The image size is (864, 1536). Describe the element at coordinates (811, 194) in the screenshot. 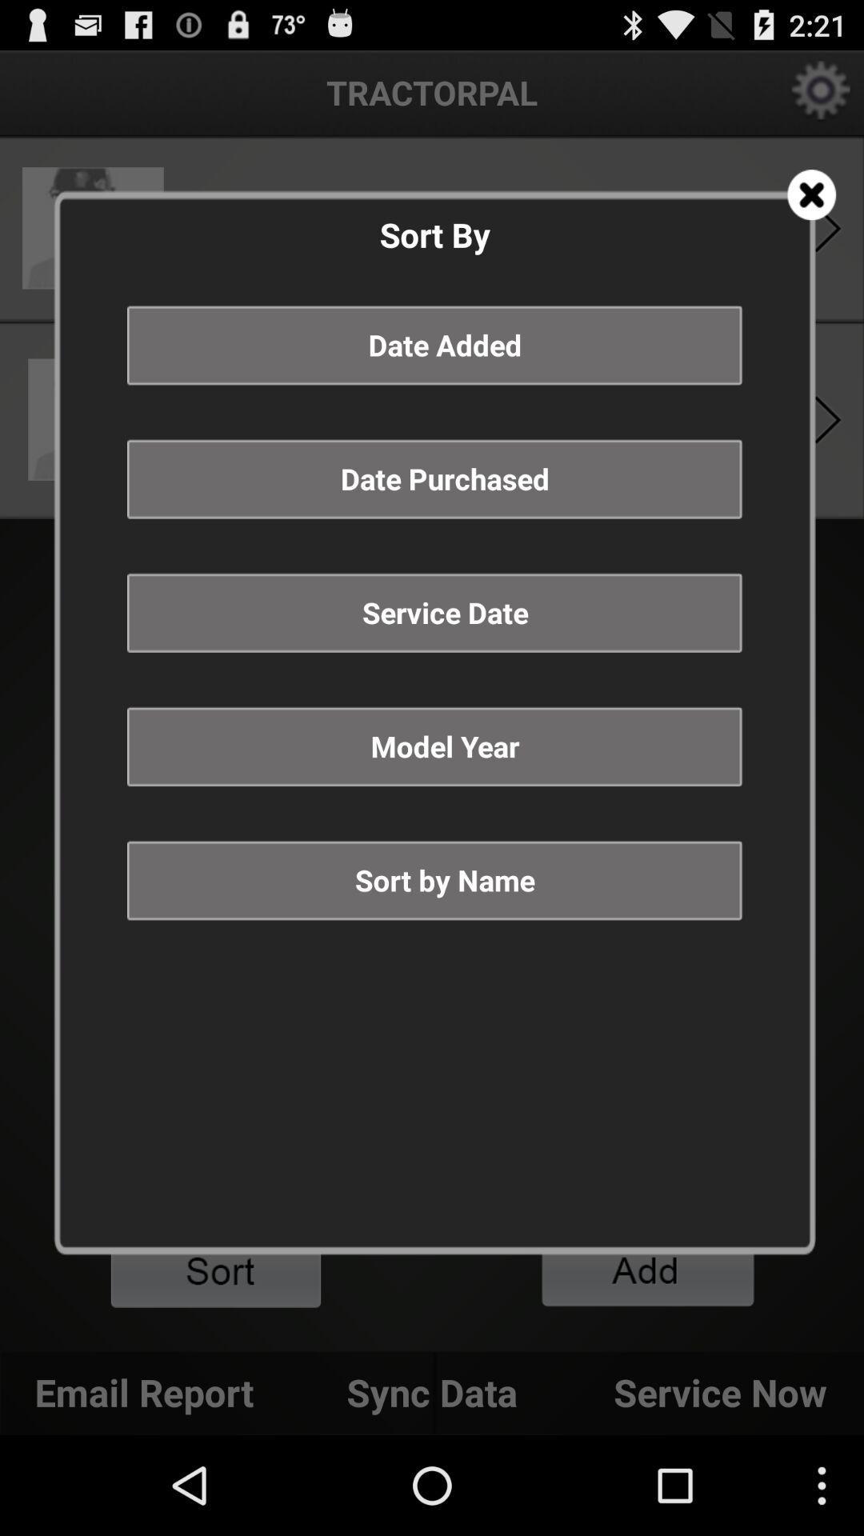

I see `app to the right of sort by item` at that location.